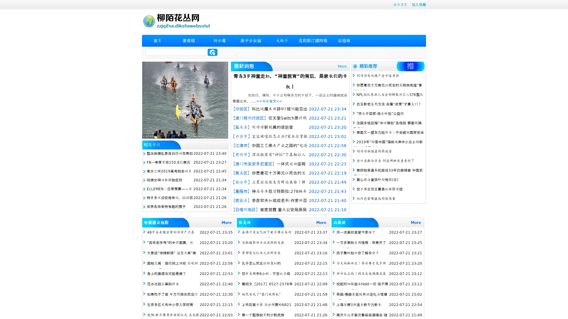 This screenshot has height=319, width=568. What do you see at coordinates (212, 52) in the screenshot?
I see `Search` at bounding box center [212, 52].